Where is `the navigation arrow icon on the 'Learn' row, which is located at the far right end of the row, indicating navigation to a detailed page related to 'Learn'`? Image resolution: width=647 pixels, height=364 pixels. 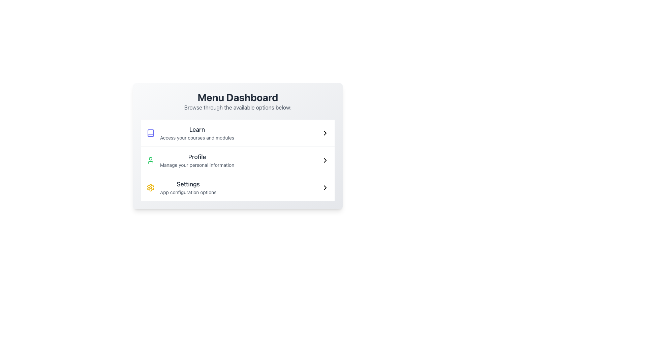 the navigation arrow icon on the 'Learn' row, which is located at the far right end of the row, indicating navigation to a detailed page related to 'Learn' is located at coordinates (325, 133).